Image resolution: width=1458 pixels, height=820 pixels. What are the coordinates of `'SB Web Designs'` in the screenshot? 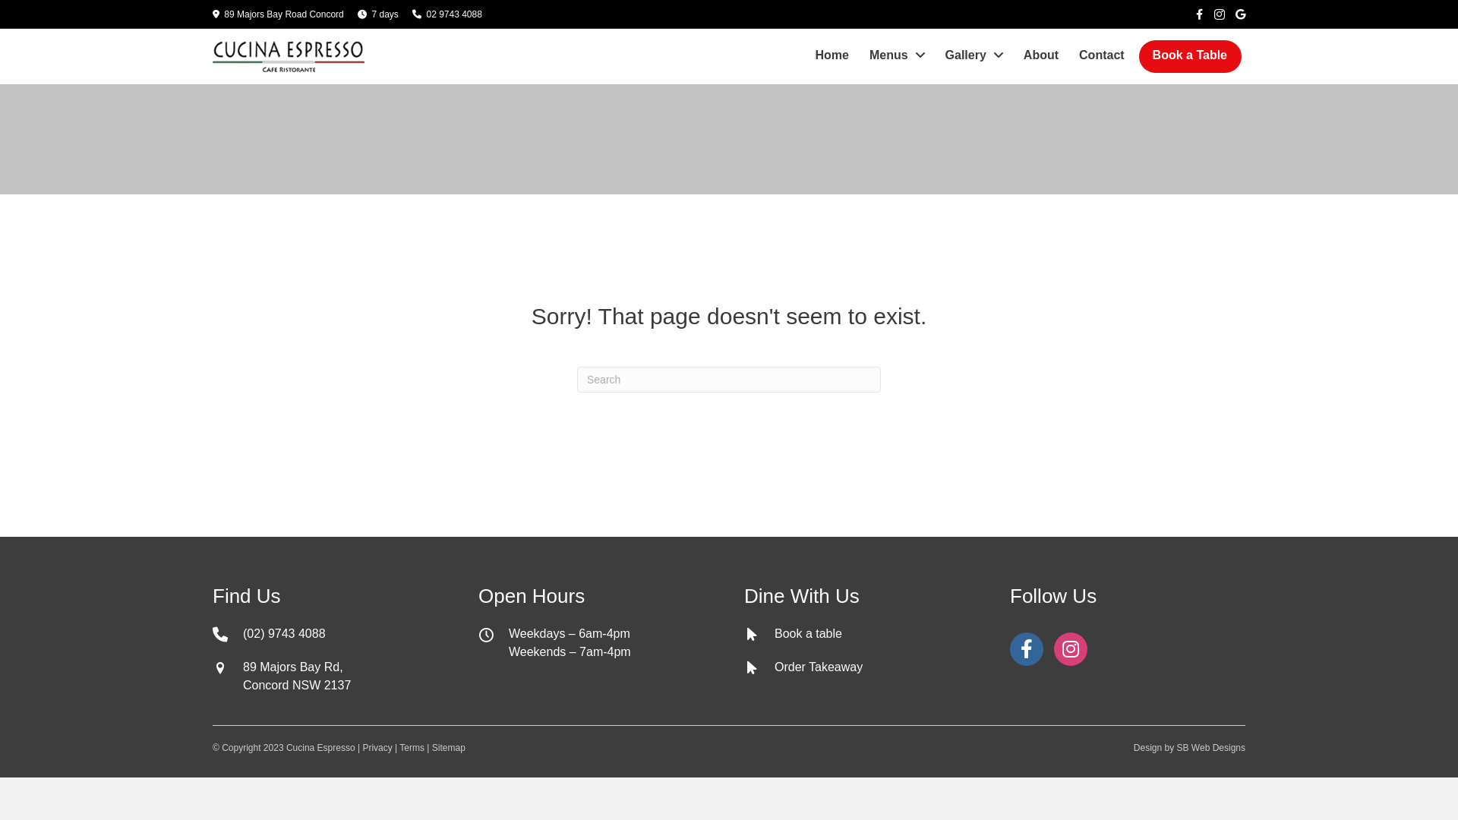 It's located at (1176, 746).